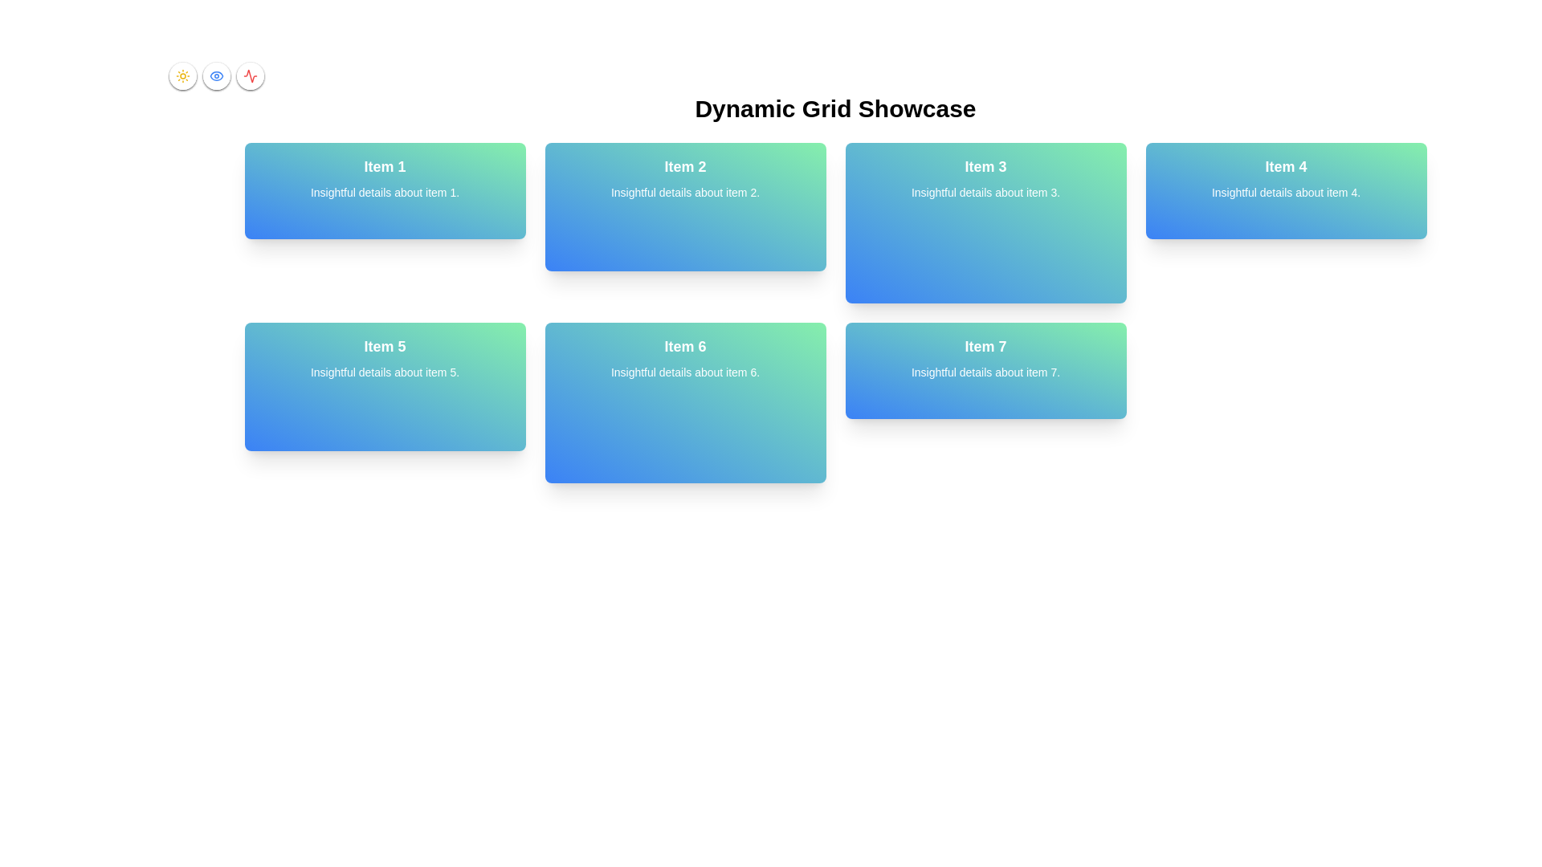 The image size is (1542, 867). Describe the element at coordinates (985, 371) in the screenshot. I see `the display card located in the second row and last column of the grid layout to trigger a visual or functional response` at that location.